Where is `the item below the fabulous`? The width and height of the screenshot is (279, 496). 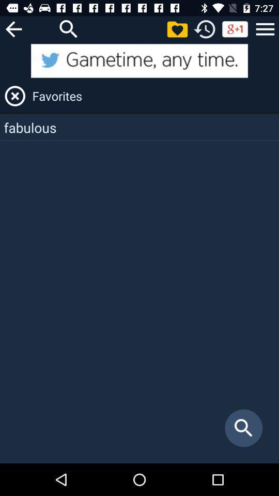 the item below the fabulous is located at coordinates (243, 428).